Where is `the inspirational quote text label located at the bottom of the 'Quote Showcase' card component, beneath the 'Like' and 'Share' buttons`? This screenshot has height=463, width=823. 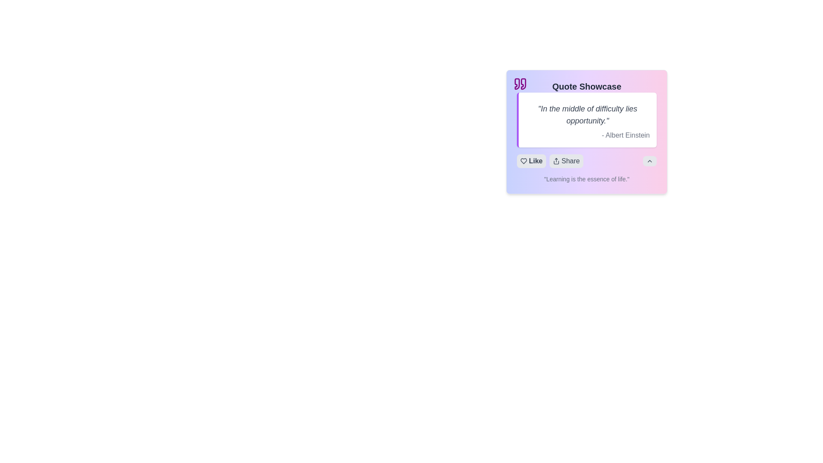
the inspirational quote text label located at the bottom of the 'Quote Showcase' card component, beneath the 'Like' and 'Share' buttons is located at coordinates (586, 178).